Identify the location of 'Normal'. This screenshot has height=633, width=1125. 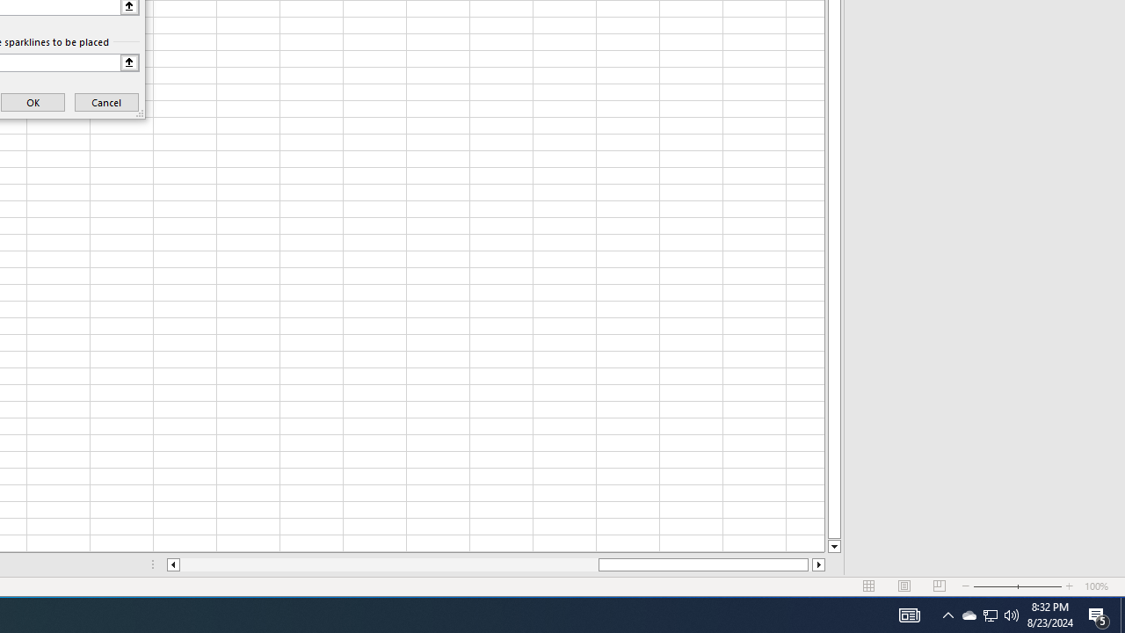
(868, 586).